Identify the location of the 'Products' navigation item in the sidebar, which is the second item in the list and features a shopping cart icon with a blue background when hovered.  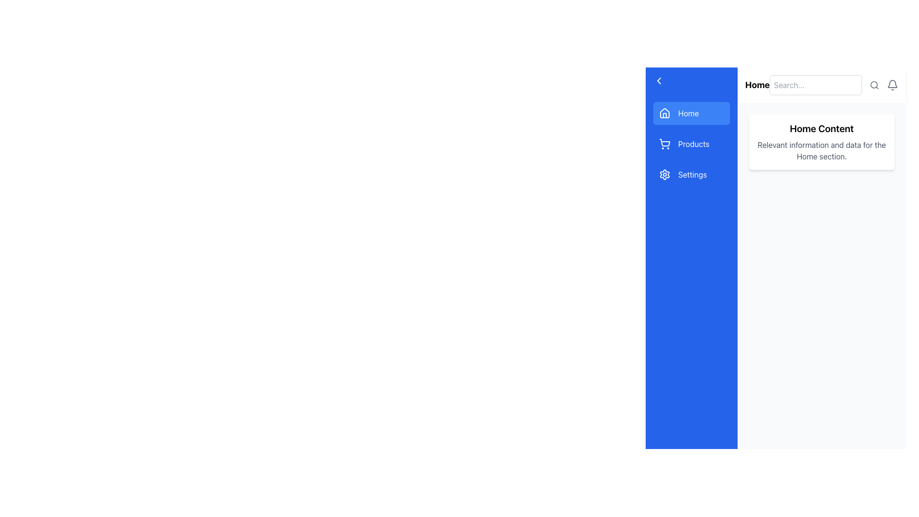
(691, 144).